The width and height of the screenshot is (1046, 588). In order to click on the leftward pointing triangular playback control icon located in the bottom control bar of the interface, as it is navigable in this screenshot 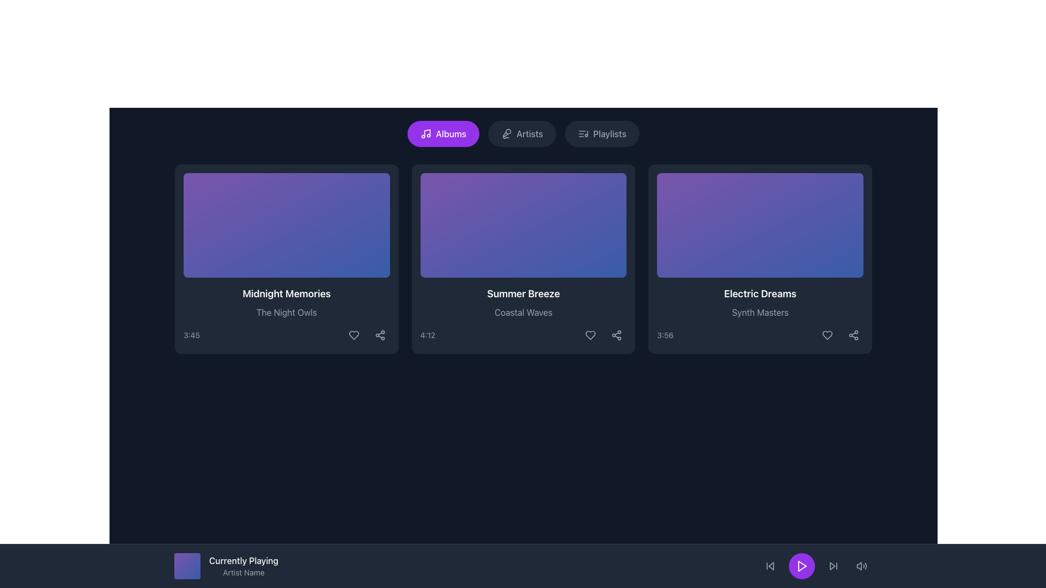, I will do `click(770, 566)`.